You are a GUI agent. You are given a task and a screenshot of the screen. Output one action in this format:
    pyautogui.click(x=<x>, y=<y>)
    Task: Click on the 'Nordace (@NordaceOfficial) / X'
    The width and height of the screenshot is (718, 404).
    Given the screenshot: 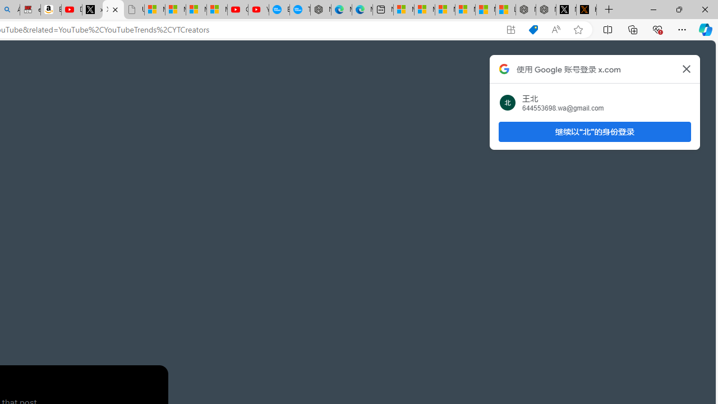 What is the action you would take?
    pyautogui.click(x=566, y=10)
    